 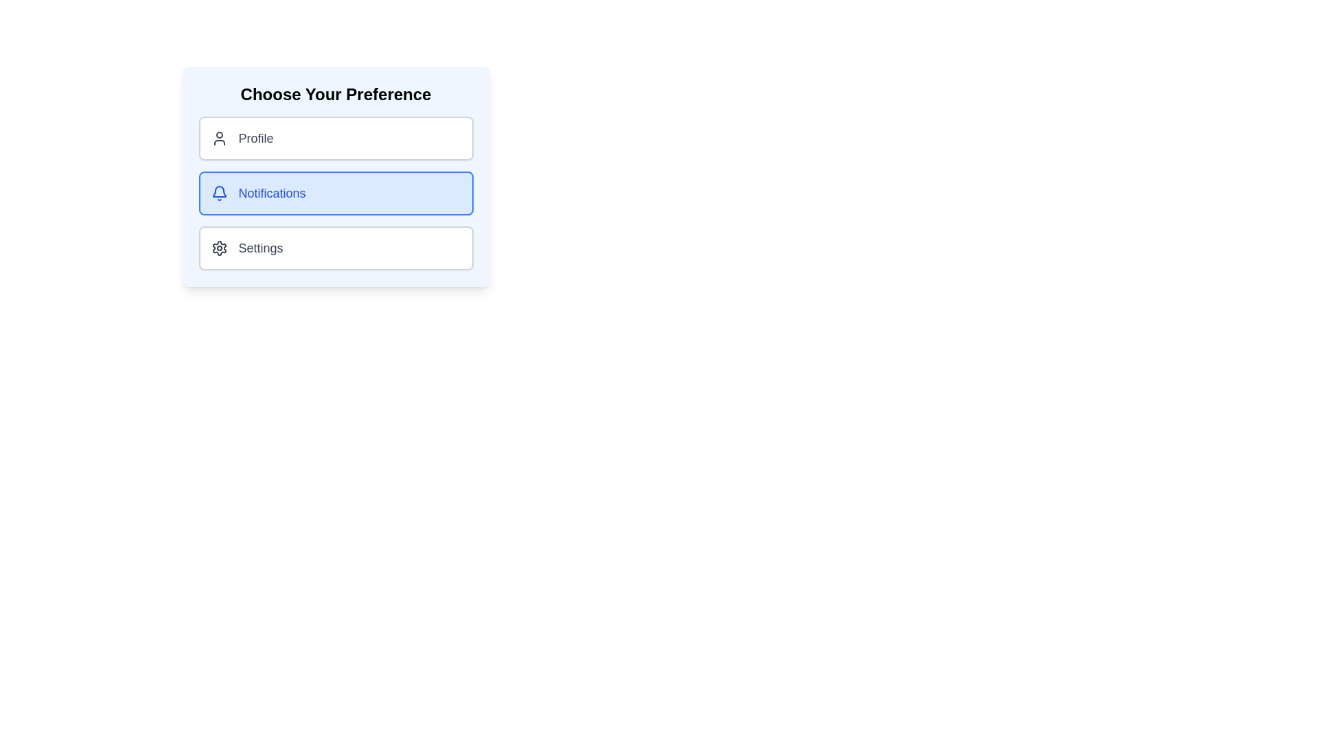 What do you see at coordinates (218, 248) in the screenshot?
I see `the Decorative Icon, which is a black gear icon with a minimalist design located to the left of the 'Settings' text` at bounding box center [218, 248].